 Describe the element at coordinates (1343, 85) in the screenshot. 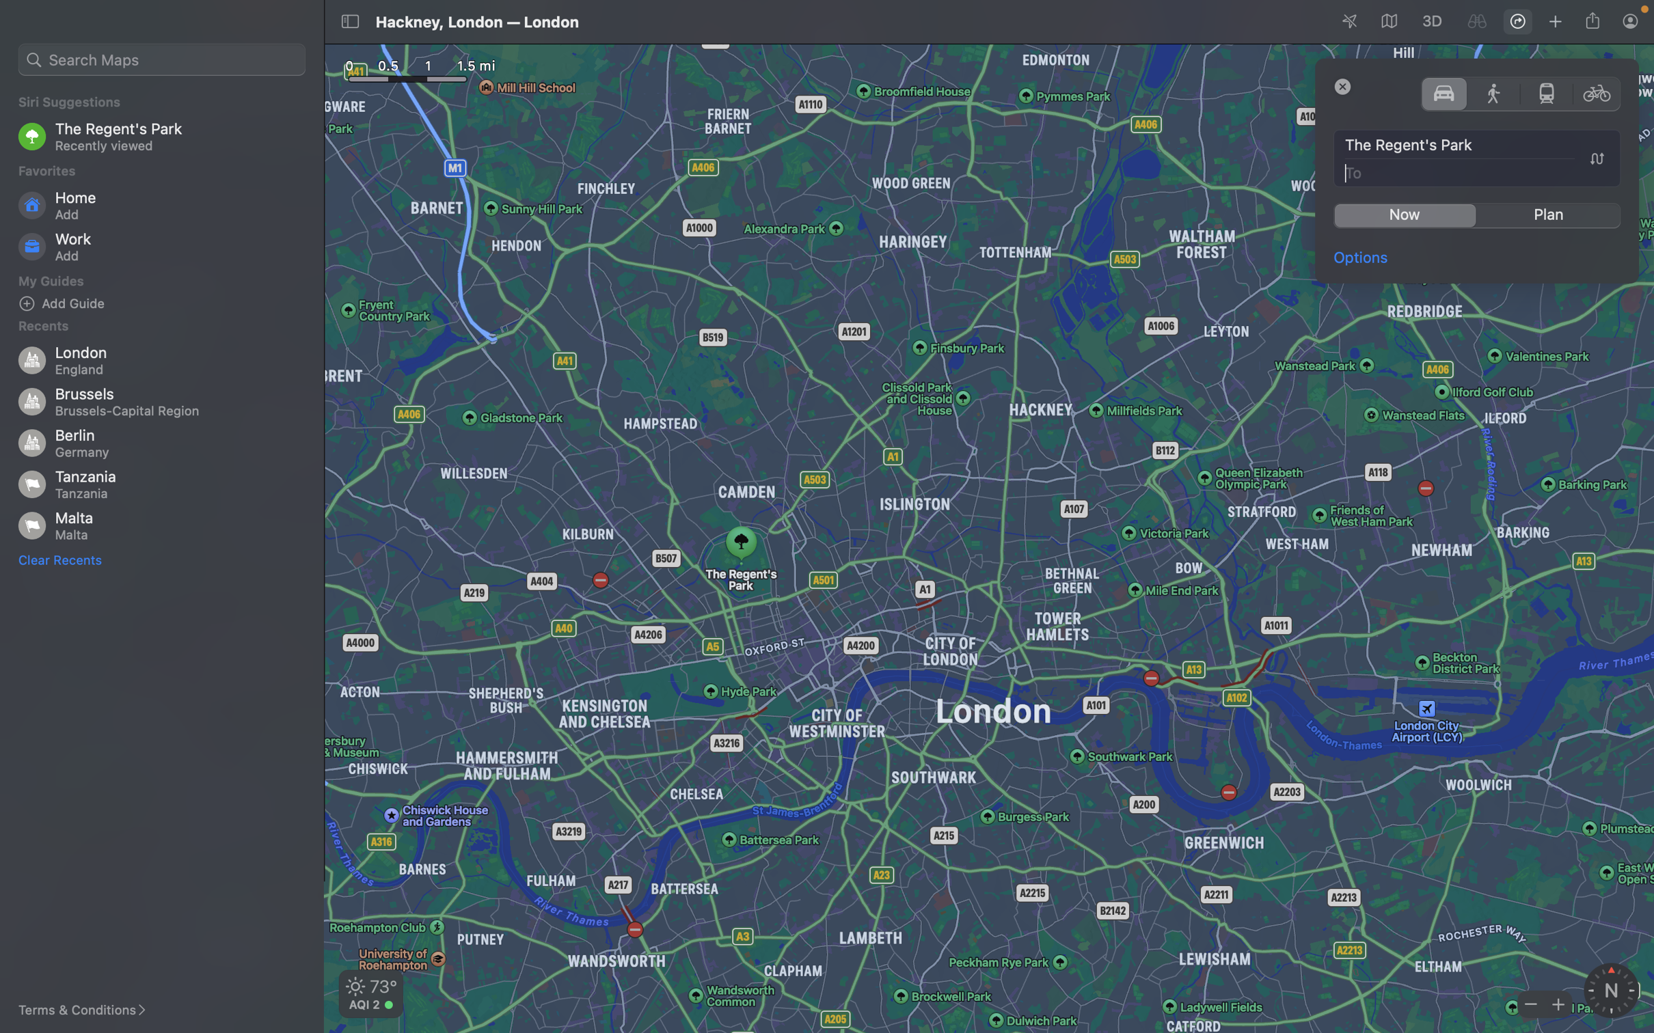

I see `Shut the existing window by clicking on the "close" button` at that location.